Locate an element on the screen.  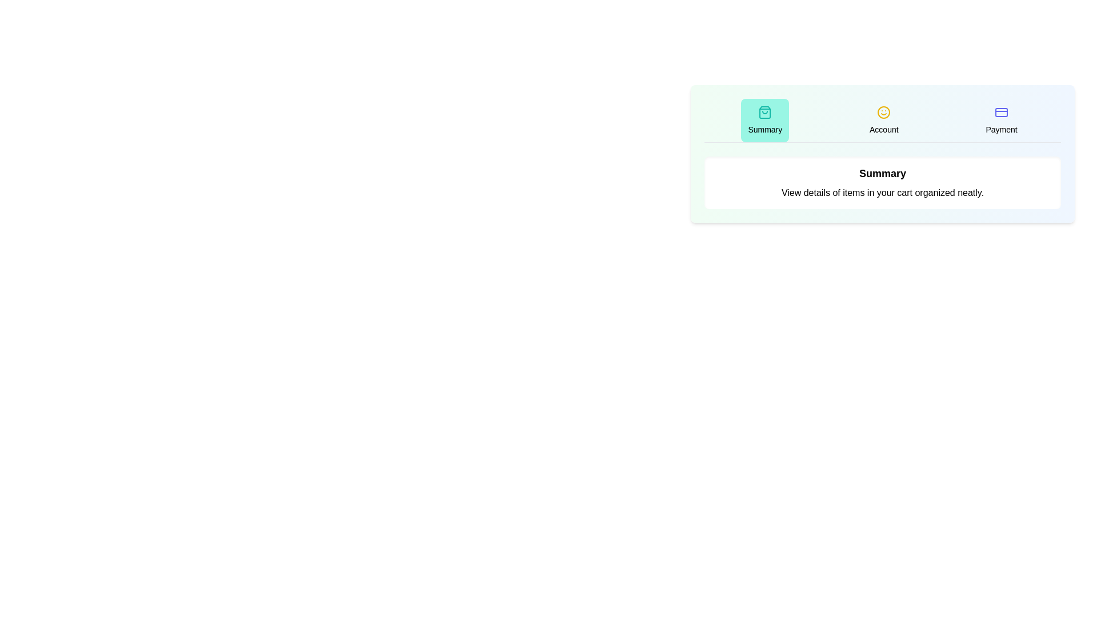
the Summary tab to switch to it is located at coordinates (765, 121).